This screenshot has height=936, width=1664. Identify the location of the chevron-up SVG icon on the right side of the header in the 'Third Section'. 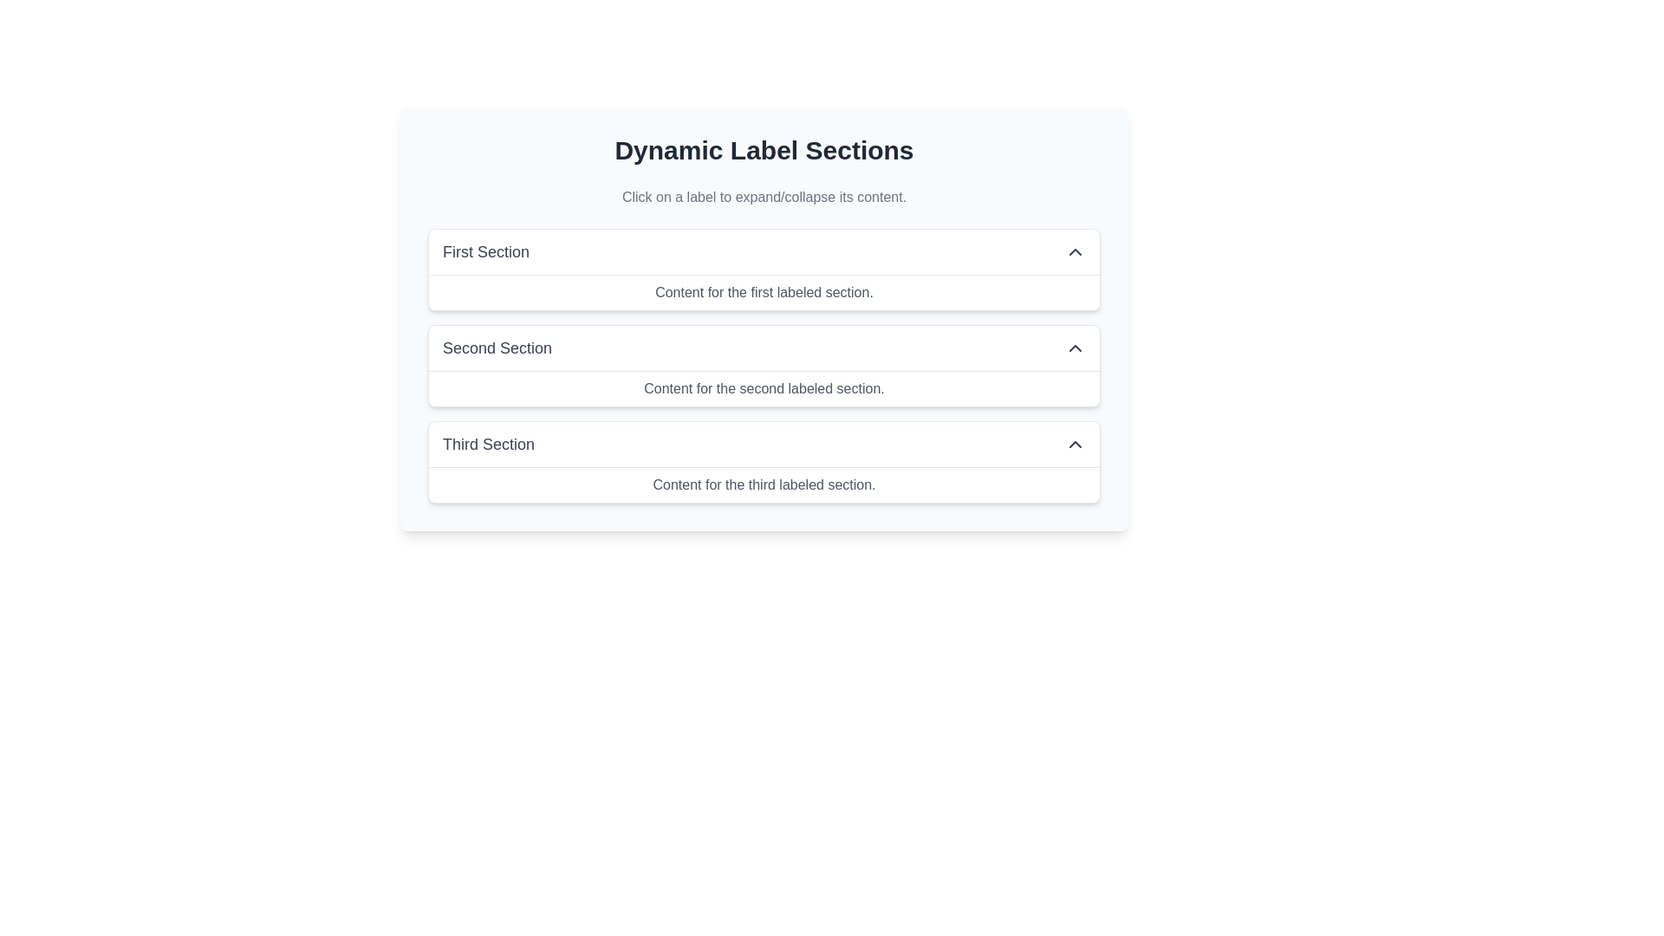
(1075, 444).